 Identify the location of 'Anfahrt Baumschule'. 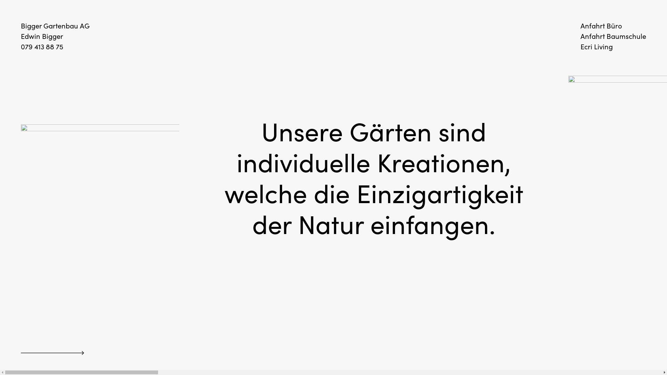
(613, 36).